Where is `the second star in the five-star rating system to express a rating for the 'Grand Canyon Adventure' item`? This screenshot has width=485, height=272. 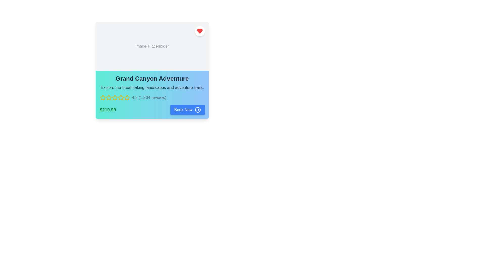 the second star in the five-star rating system to express a rating for the 'Grand Canyon Adventure' item is located at coordinates (114, 97).